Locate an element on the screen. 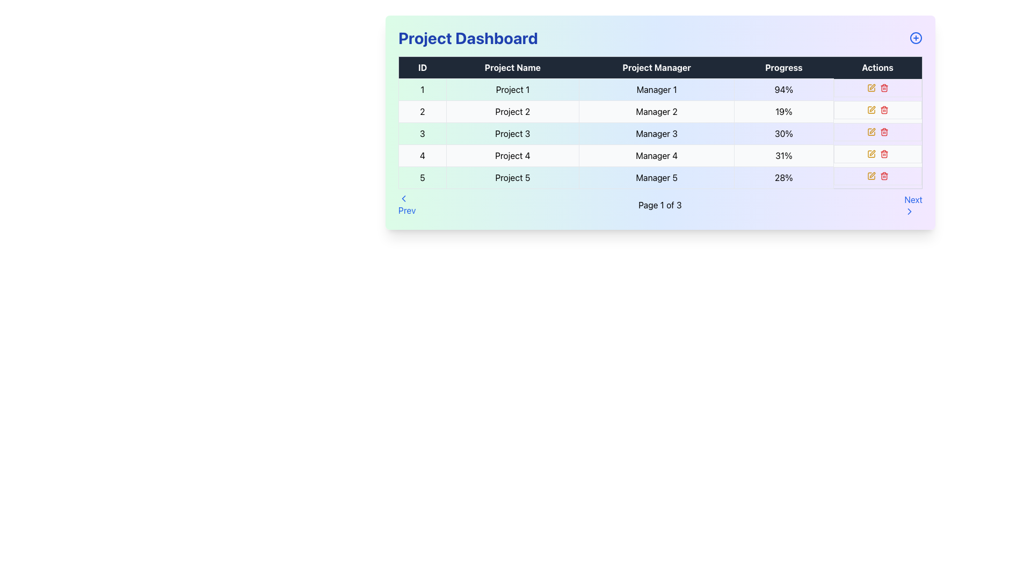 The height and width of the screenshot is (580, 1031). the Text Display Cell containing the text 'Manager 5' in the 'Project Manager' column, 5th row of the table is located at coordinates (656, 177).